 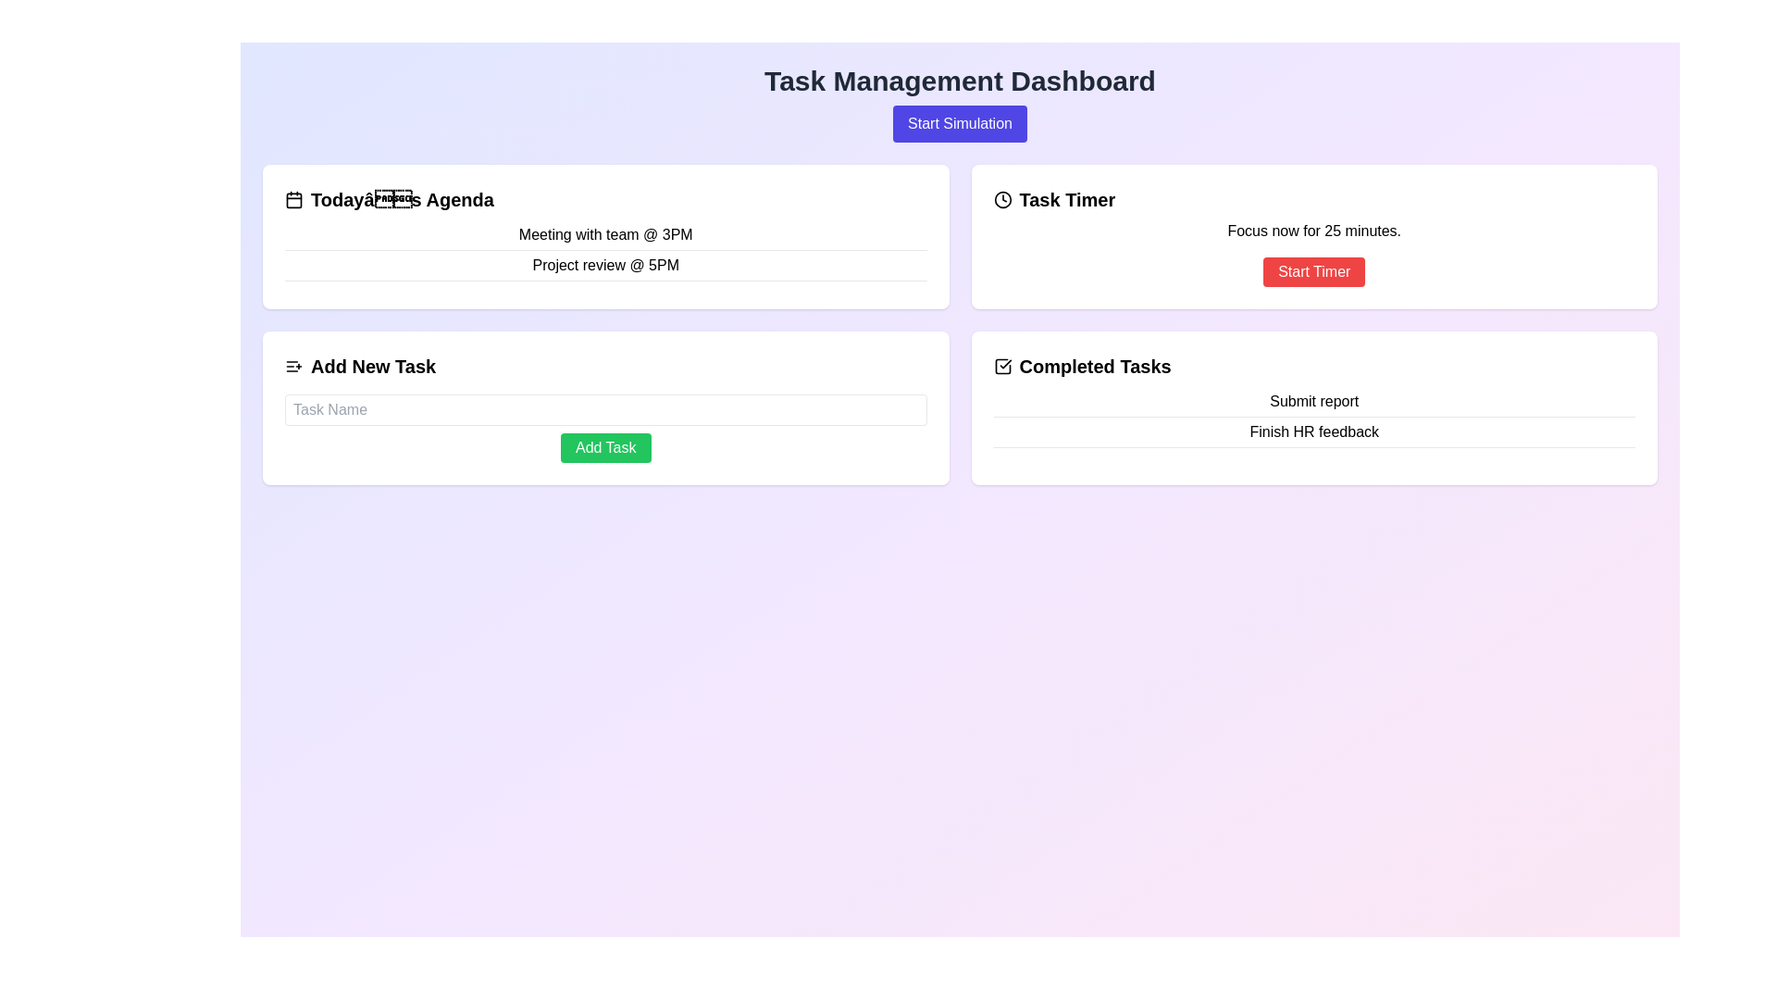 What do you see at coordinates (605, 409) in the screenshot?
I see `the text input field for entering a new task name located in the 'Add New Task' box by pressing Tab` at bounding box center [605, 409].